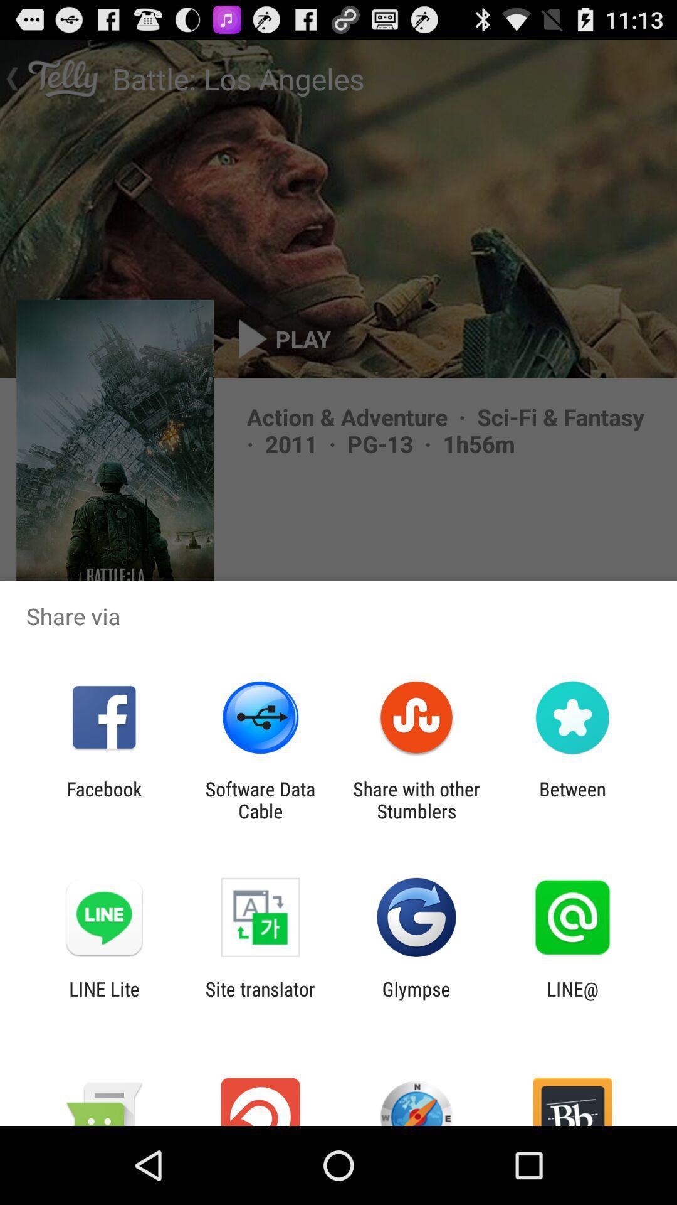 This screenshot has height=1205, width=677. What do you see at coordinates (260, 999) in the screenshot?
I see `the icon to the left of glympse app` at bounding box center [260, 999].